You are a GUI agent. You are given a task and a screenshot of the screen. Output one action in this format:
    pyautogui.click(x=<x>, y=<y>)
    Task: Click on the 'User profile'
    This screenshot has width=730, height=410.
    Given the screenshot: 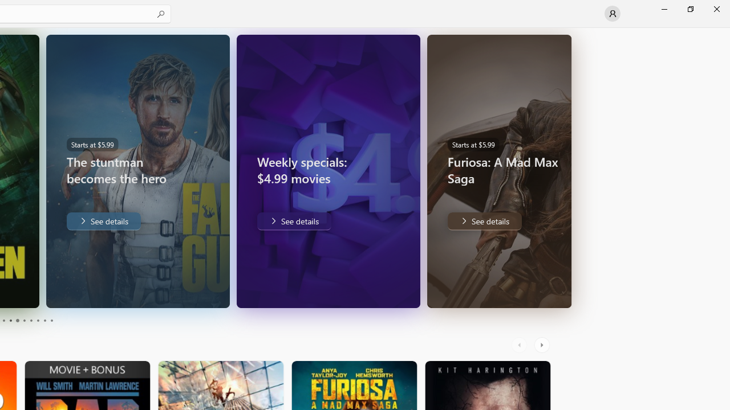 What is the action you would take?
    pyautogui.click(x=611, y=14)
    